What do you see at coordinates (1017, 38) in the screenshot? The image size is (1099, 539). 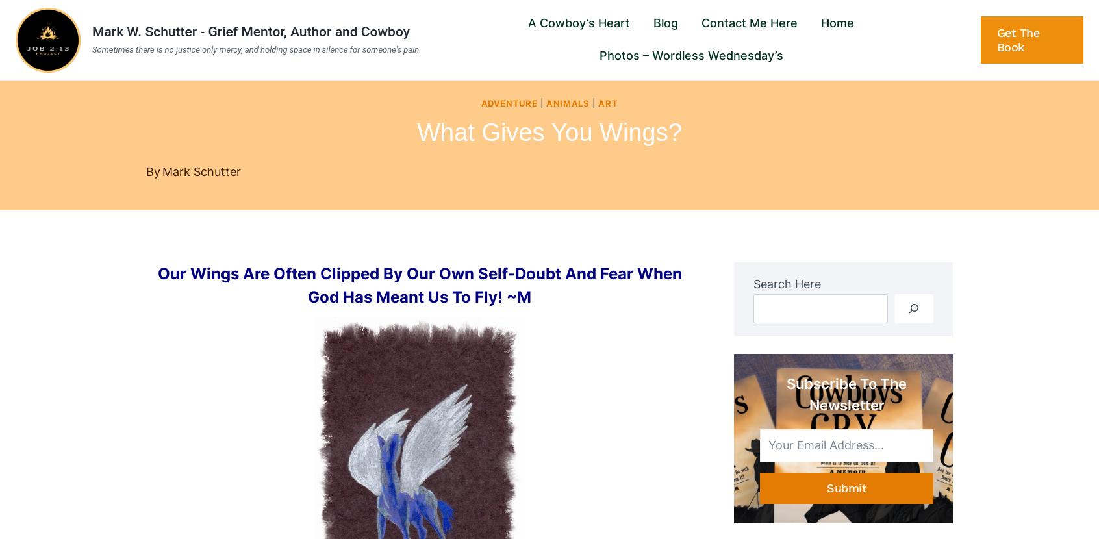 I see `'Get the Book'` at bounding box center [1017, 38].